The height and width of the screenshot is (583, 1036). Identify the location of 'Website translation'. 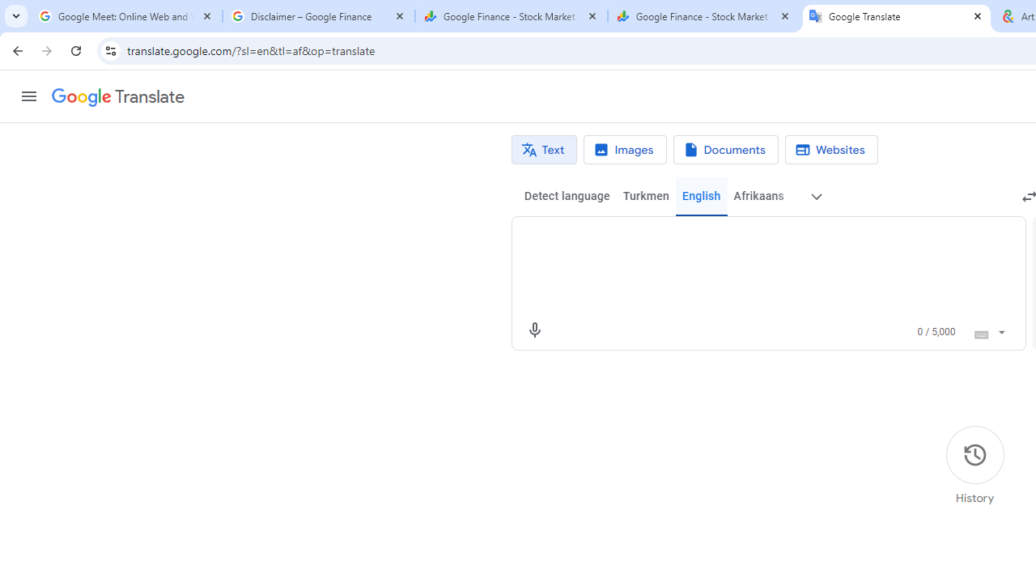
(831, 150).